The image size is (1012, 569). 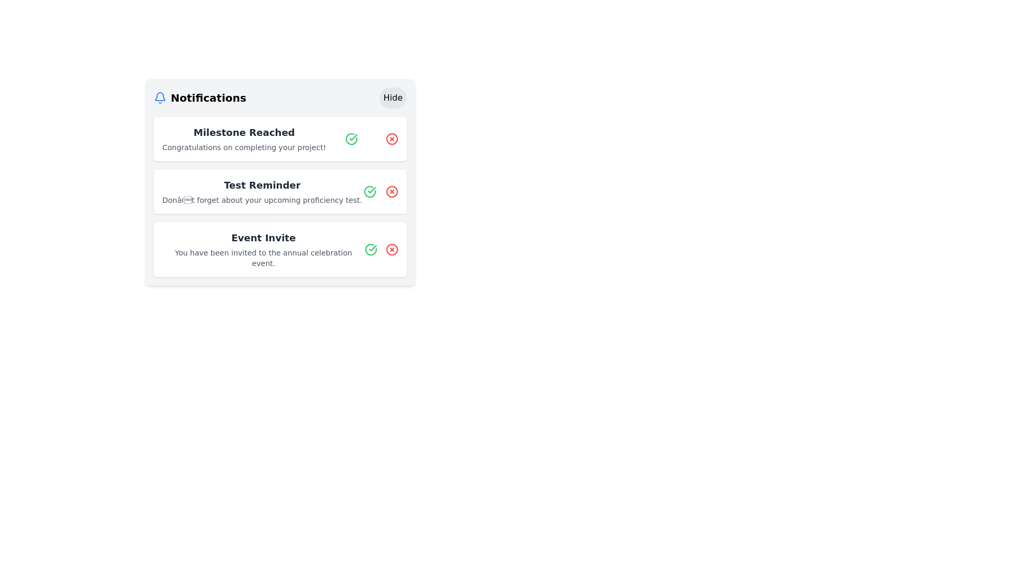 What do you see at coordinates (352, 138) in the screenshot?
I see `the green check mark SVG icon within the notification card to acknowledge the message 'Milestone Reached Congratulations on completing your project!'` at bounding box center [352, 138].